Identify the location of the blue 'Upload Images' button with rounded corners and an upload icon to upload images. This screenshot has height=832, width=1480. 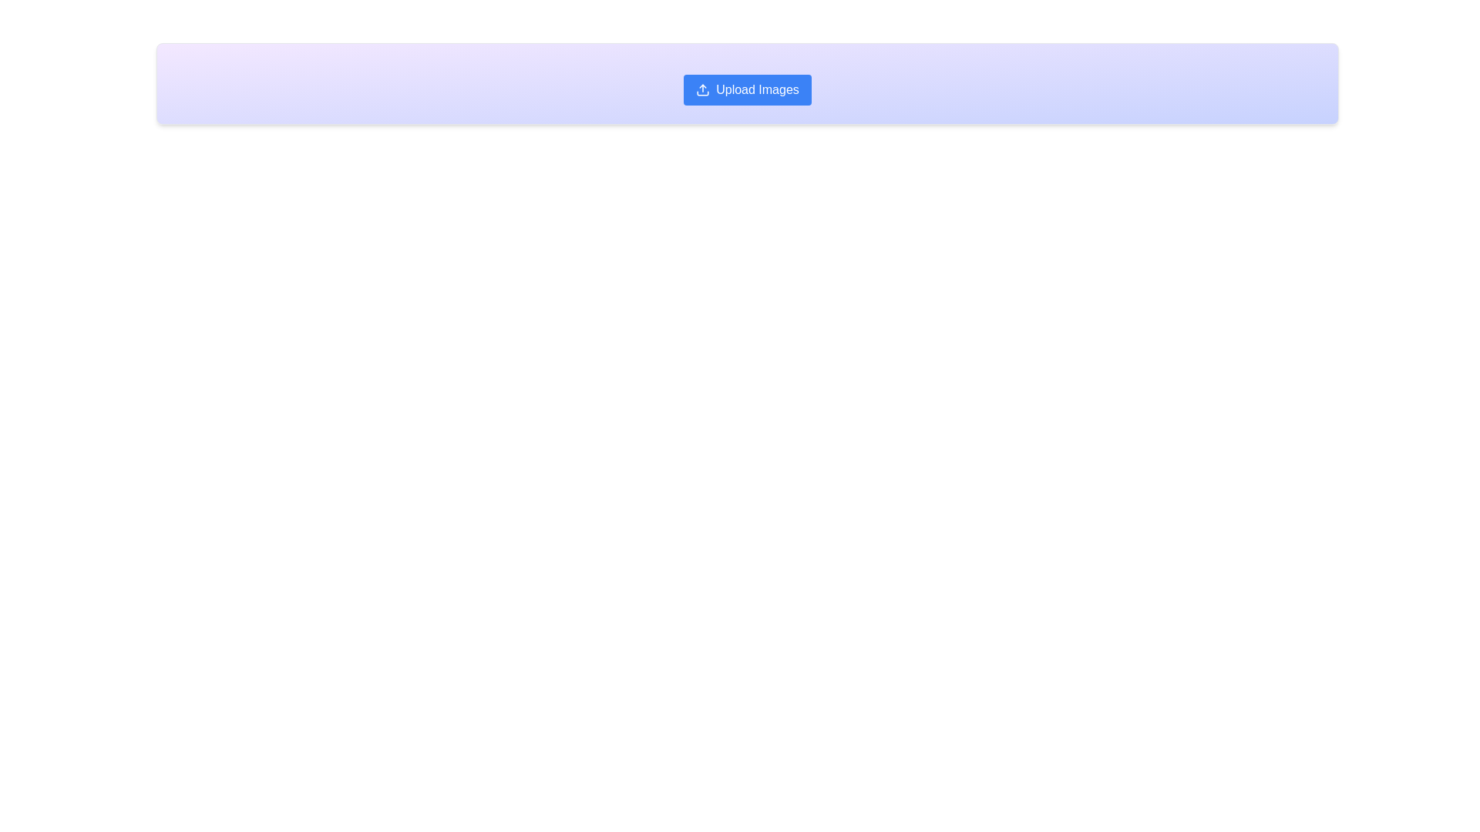
(747, 89).